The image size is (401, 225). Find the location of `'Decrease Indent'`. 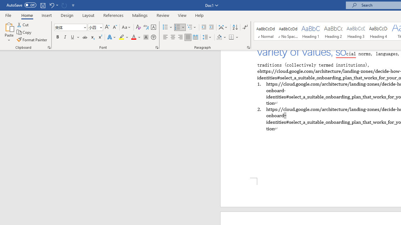

'Decrease Indent' is located at coordinates (204, 27).